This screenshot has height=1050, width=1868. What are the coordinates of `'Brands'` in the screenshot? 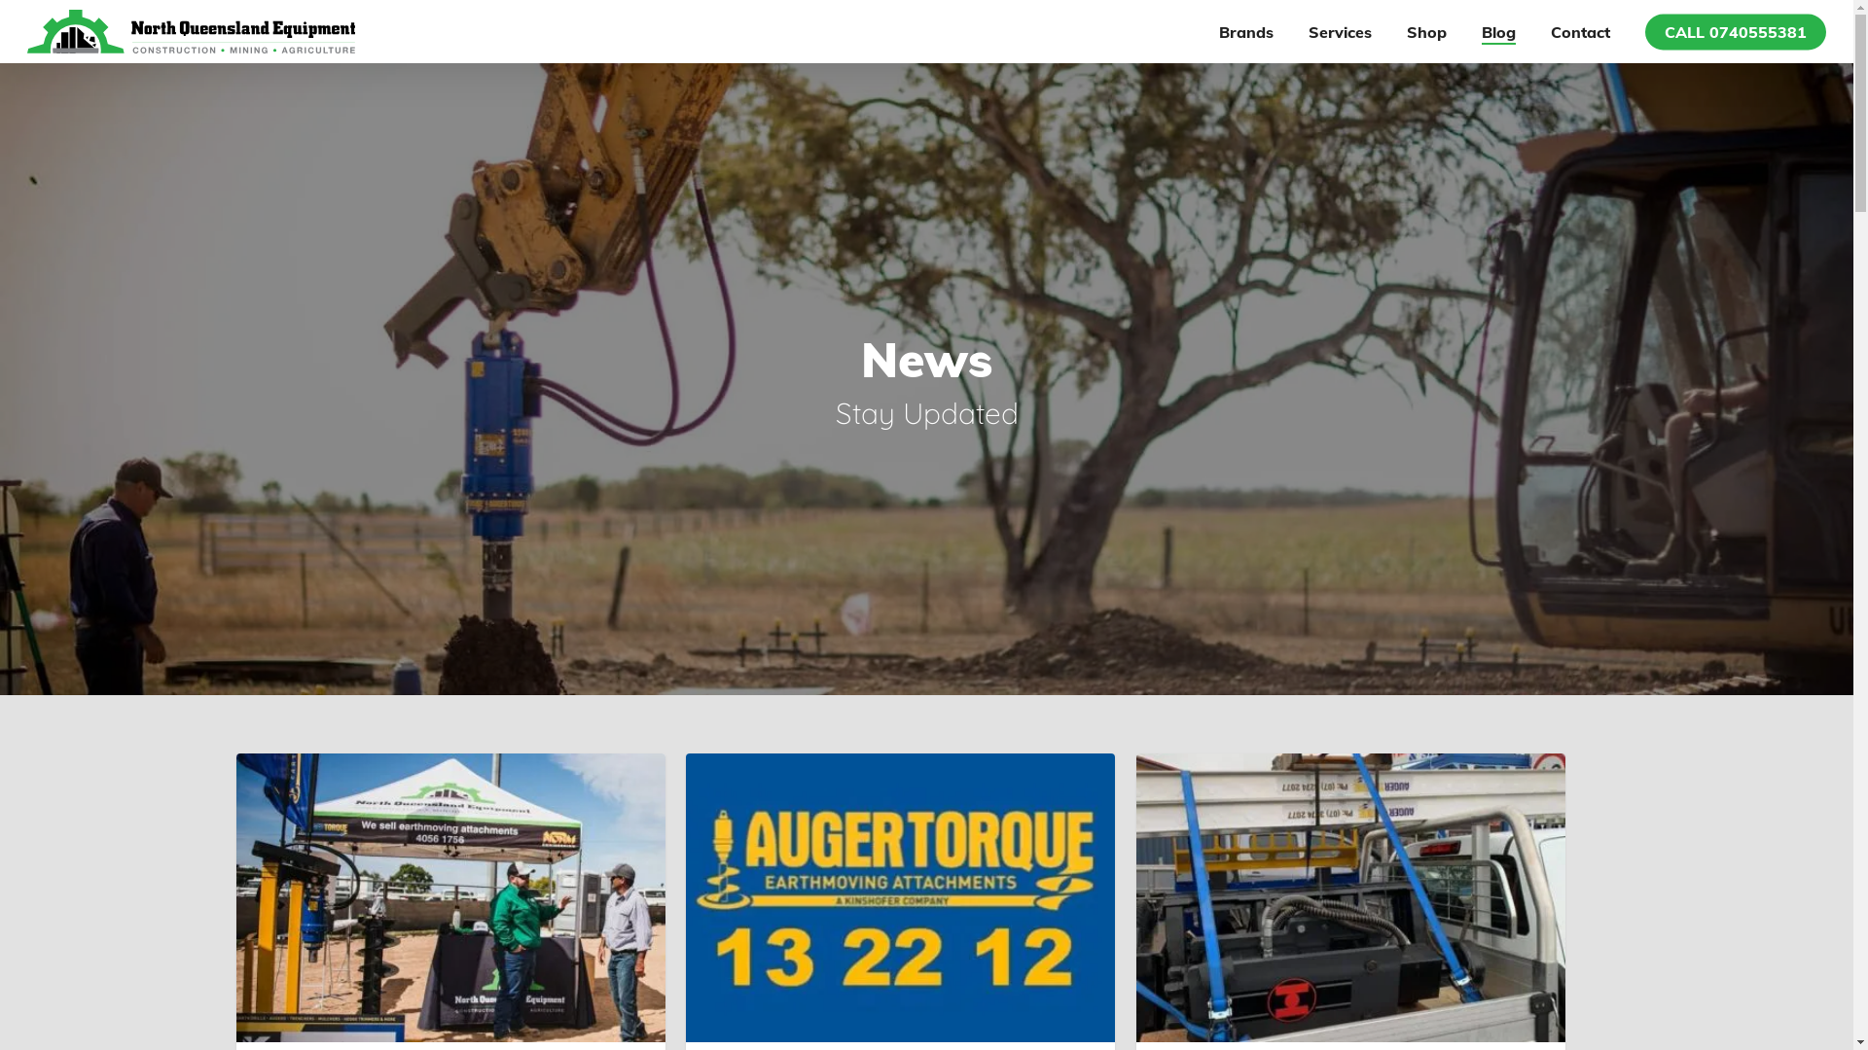 It's located at (1246, 30).